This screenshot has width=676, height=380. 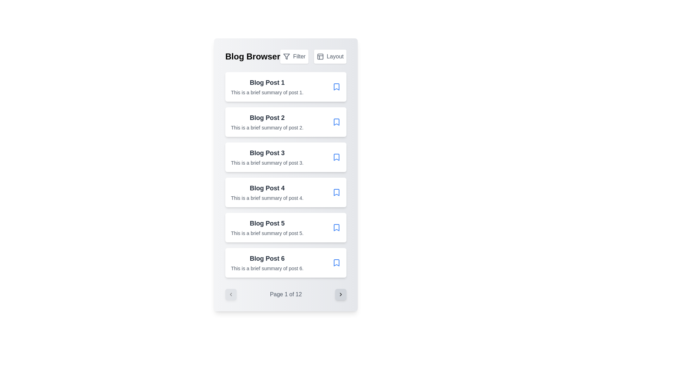 What do you see at coordinates (267, 92) in the screenshot?
I see `the text element that provides a brief summary of the blog post titled 'Blog Post 1', positioned below the title in the first card` at bounding box center [267, 92].